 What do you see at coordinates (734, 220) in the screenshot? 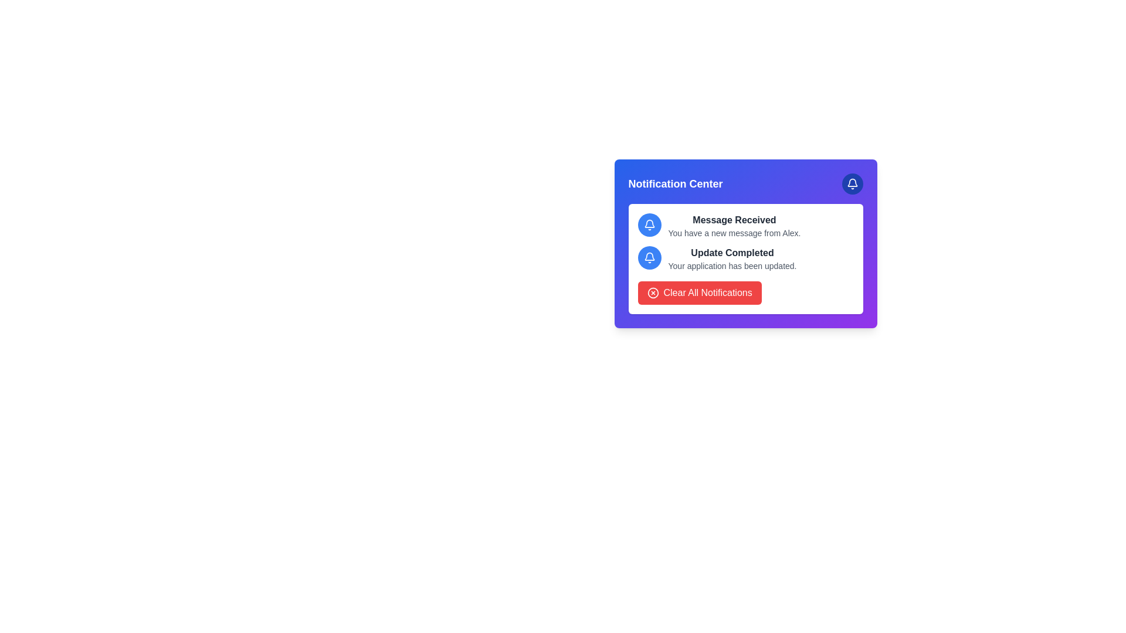
I see `bold black text label that says 'Message Received', which is the leading text block in the notification center panel` at bounding box center [734, 220].